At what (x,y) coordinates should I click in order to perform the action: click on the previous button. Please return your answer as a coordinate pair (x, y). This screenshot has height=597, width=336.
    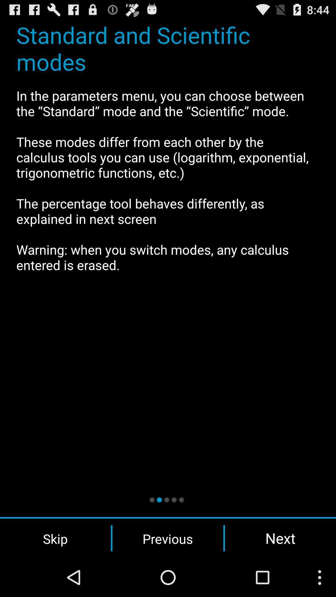
    Looking at the image, I should click on (167, 538).